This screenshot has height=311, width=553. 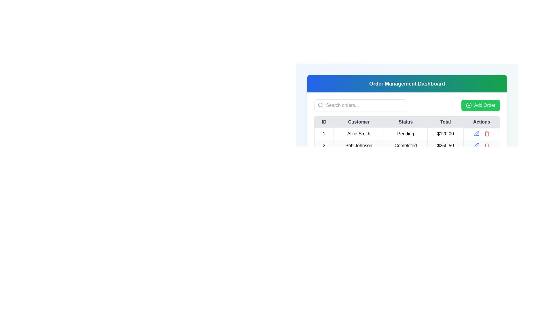 I want to click on the red trash bin icon button, so click(x=486, y=145).